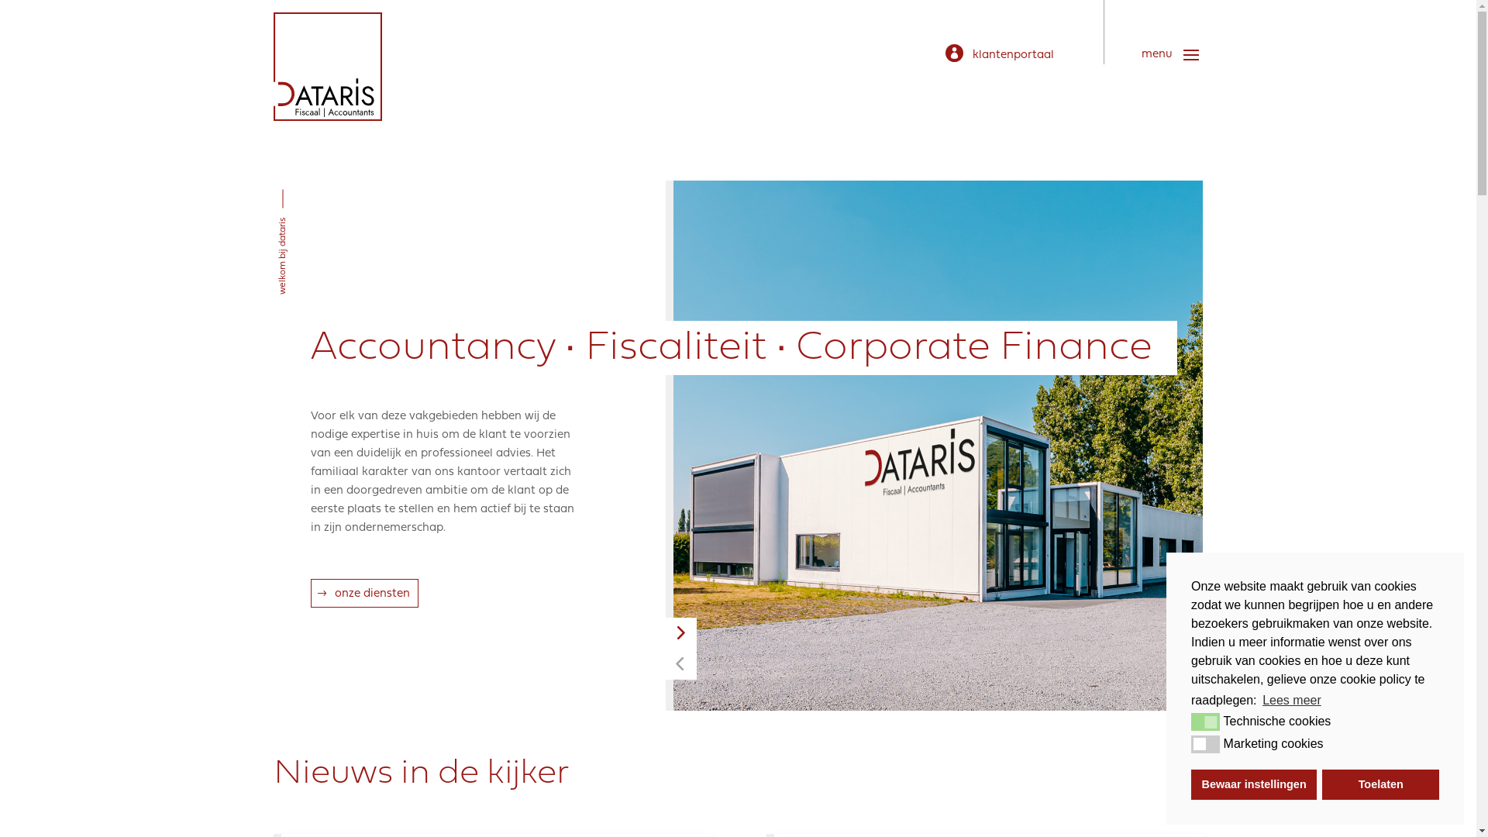  What do you see at coordinates (944, 54) in the screenshot?
I see `'klantenportaal'` at bounding box center [944, 54].